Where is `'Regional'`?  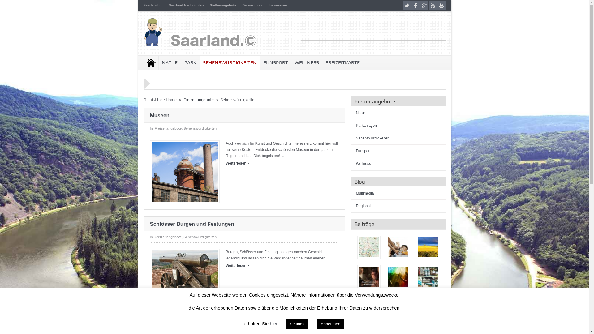
'Regional' is located at coordinates (363, 206).